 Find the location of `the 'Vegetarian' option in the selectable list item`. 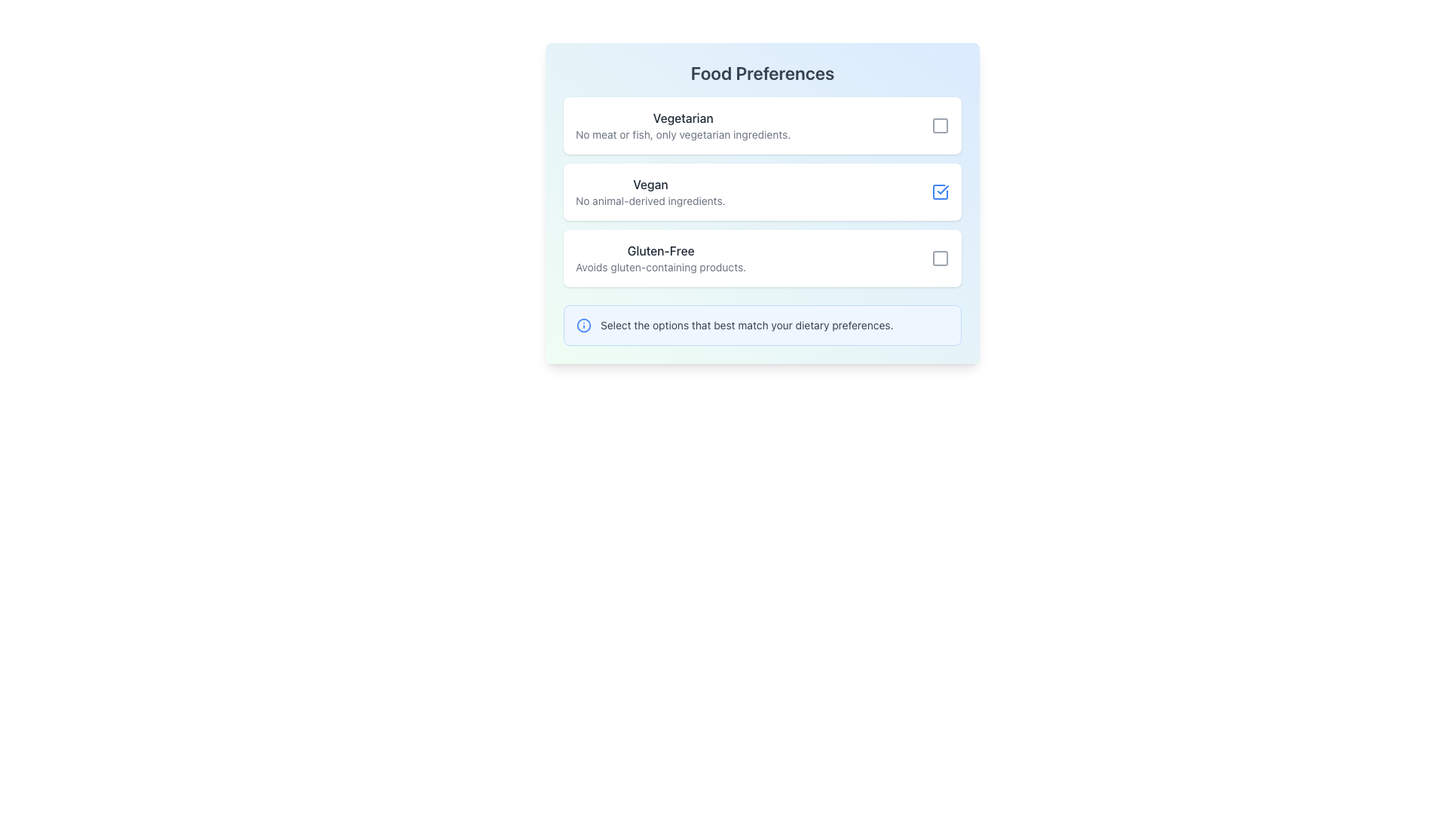

the 'Vegetarian' option in the selectable list item is located at coordinates (763, 124).